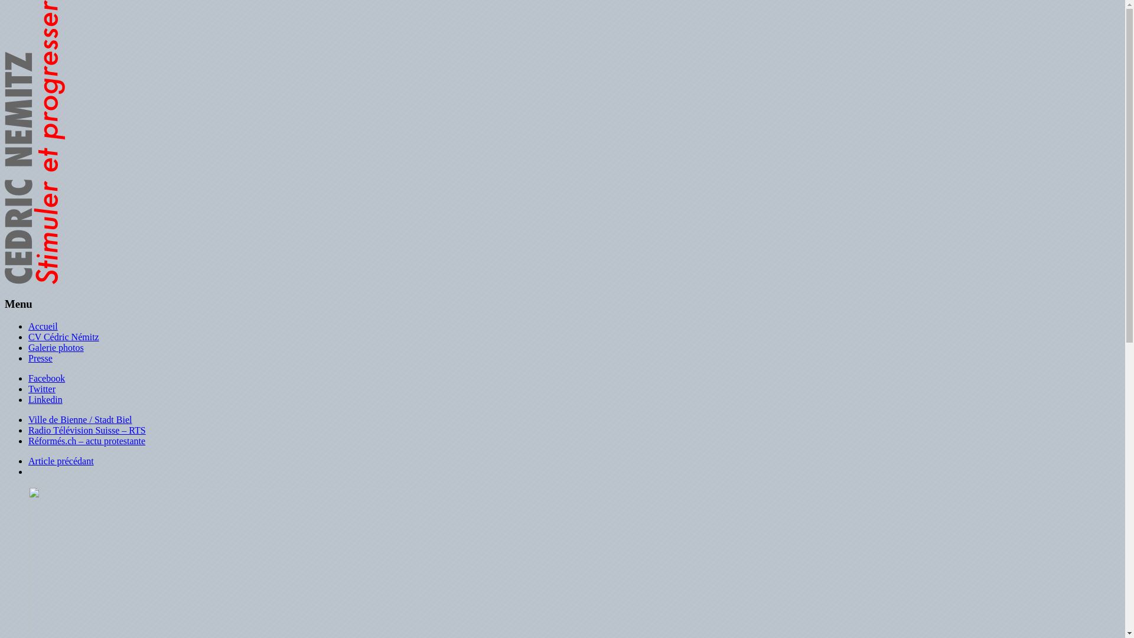  I want to click on 'Accueil', so click(43, 326).